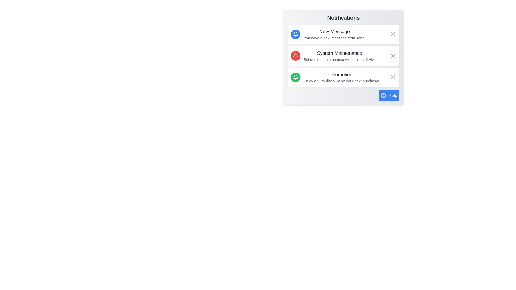  Describe the element at coordinates (295, 56) in the screenshot. I see `the circular red notification icon with a white bell icon, which is located to the left of the 'System Maintenance' text in the second notification item of the list` at that location.